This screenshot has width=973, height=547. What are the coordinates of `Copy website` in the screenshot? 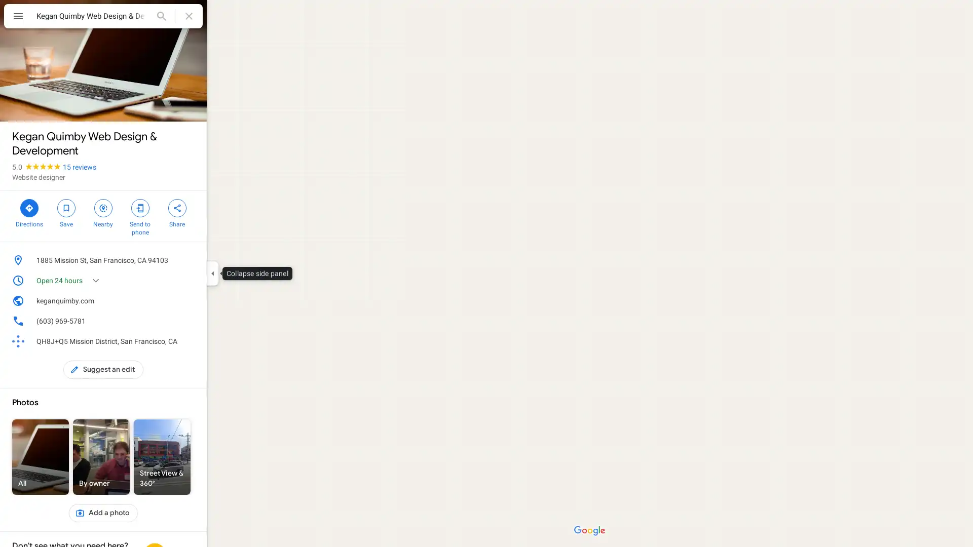 It's located at (190, 300).